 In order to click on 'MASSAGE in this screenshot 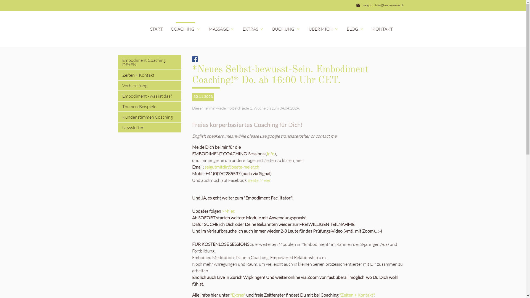, I will do `click(221, 29)`.